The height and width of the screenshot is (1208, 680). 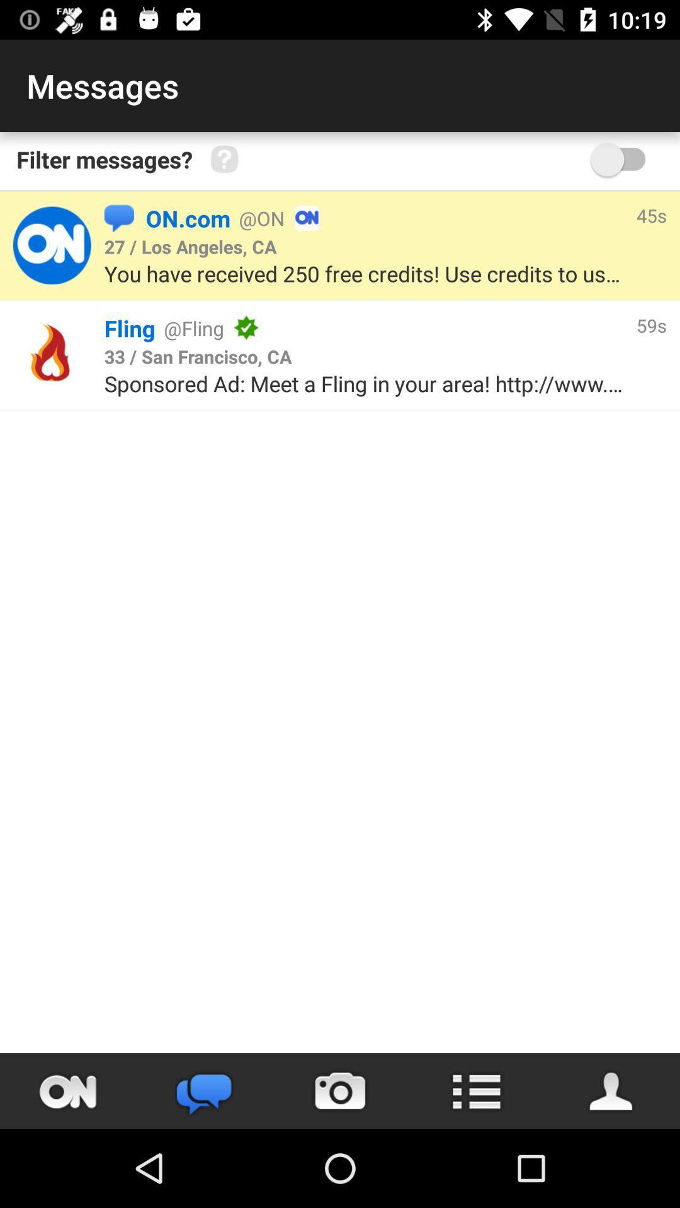 What do you see at coordinates (340, 1090) in the screenshot?
I see `take photo` at bounding box center [340, 1090].